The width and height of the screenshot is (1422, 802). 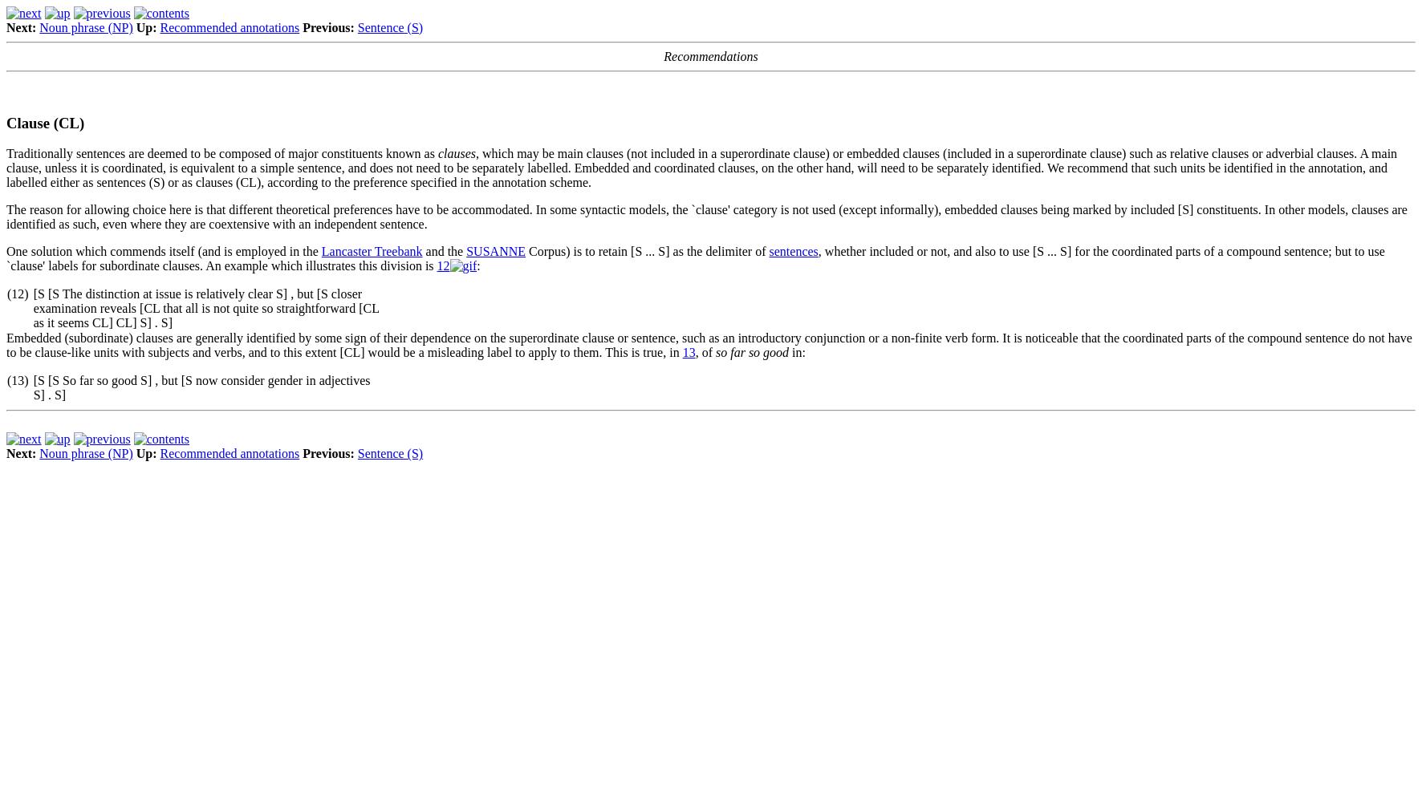 I want to click on 'clauses', so click(x=456, y=152).